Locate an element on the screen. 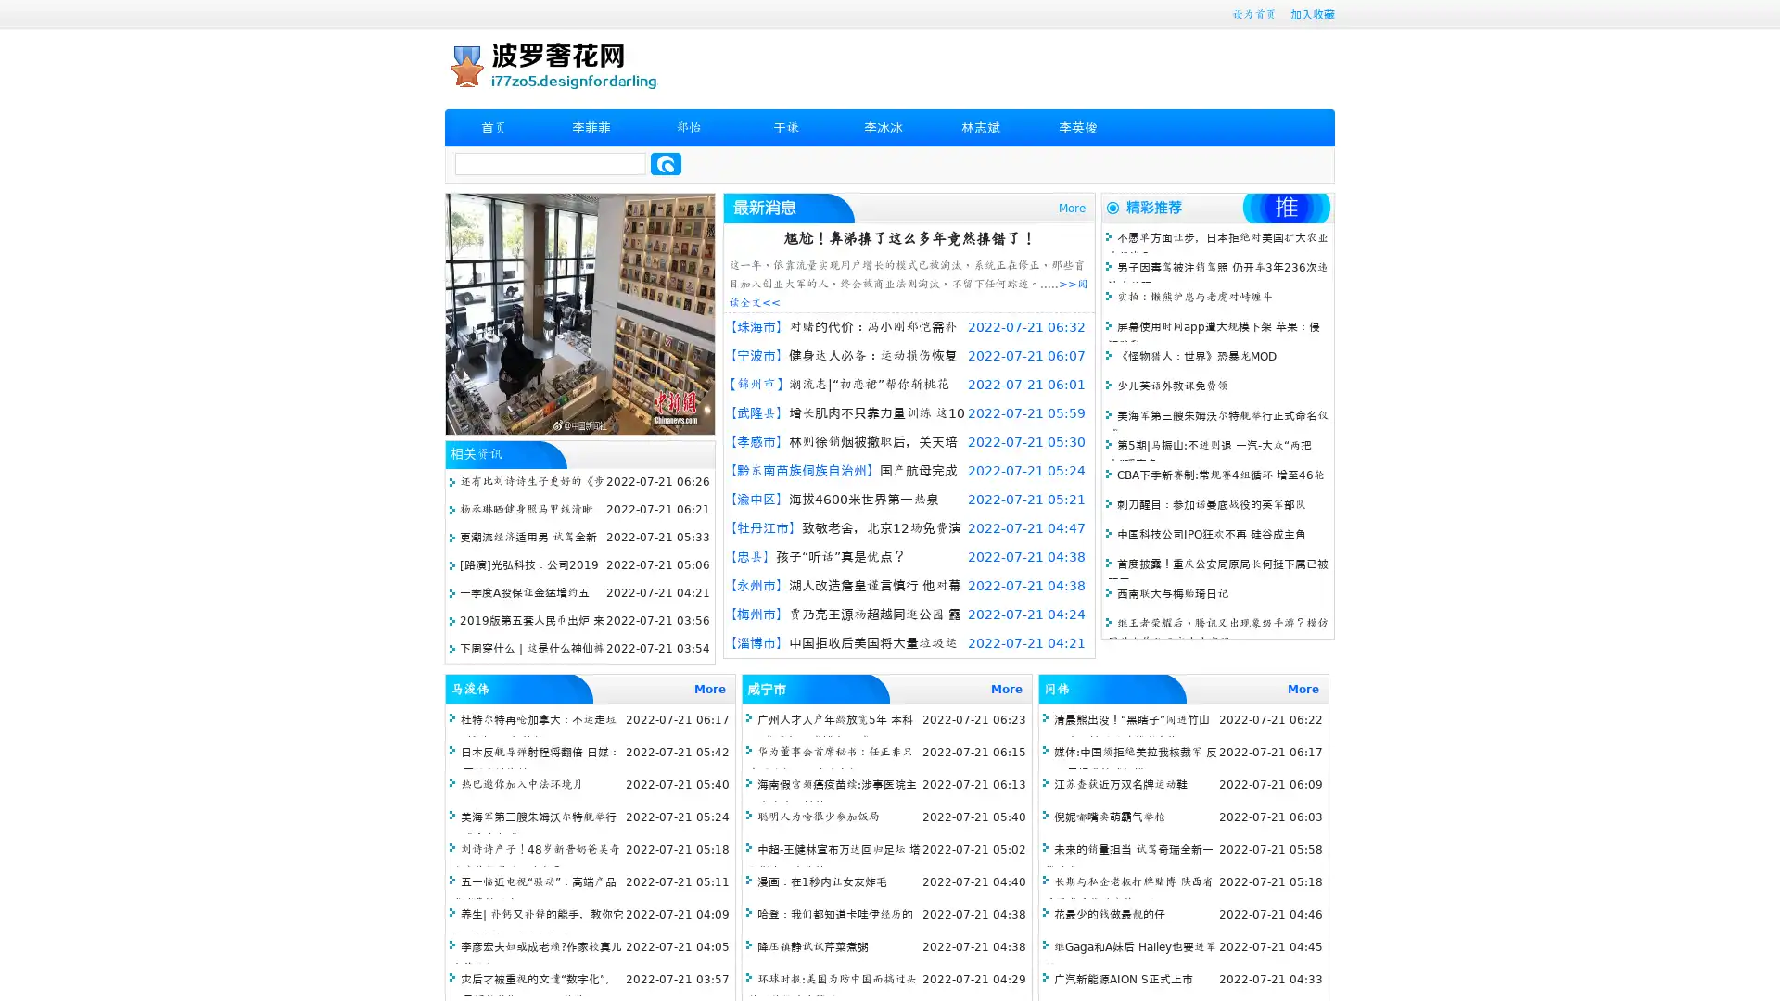  Search is located at coordinates (666, 163).